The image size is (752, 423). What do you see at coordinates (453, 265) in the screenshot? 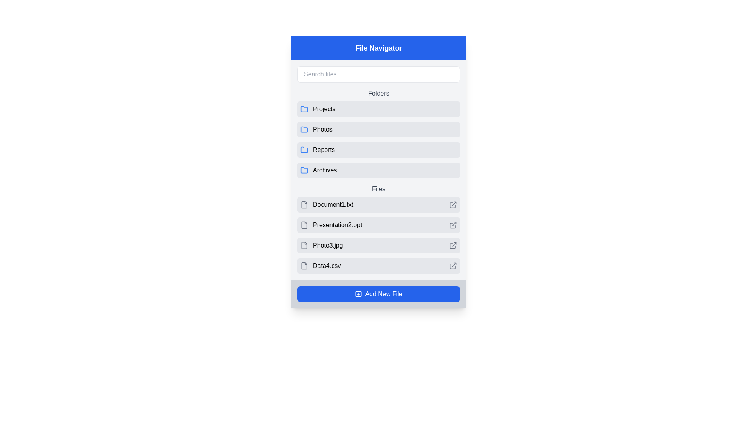
I see `the external link icon for 'Data4.csv' located in the File Navigator interface` at bounding box center [453, 265].